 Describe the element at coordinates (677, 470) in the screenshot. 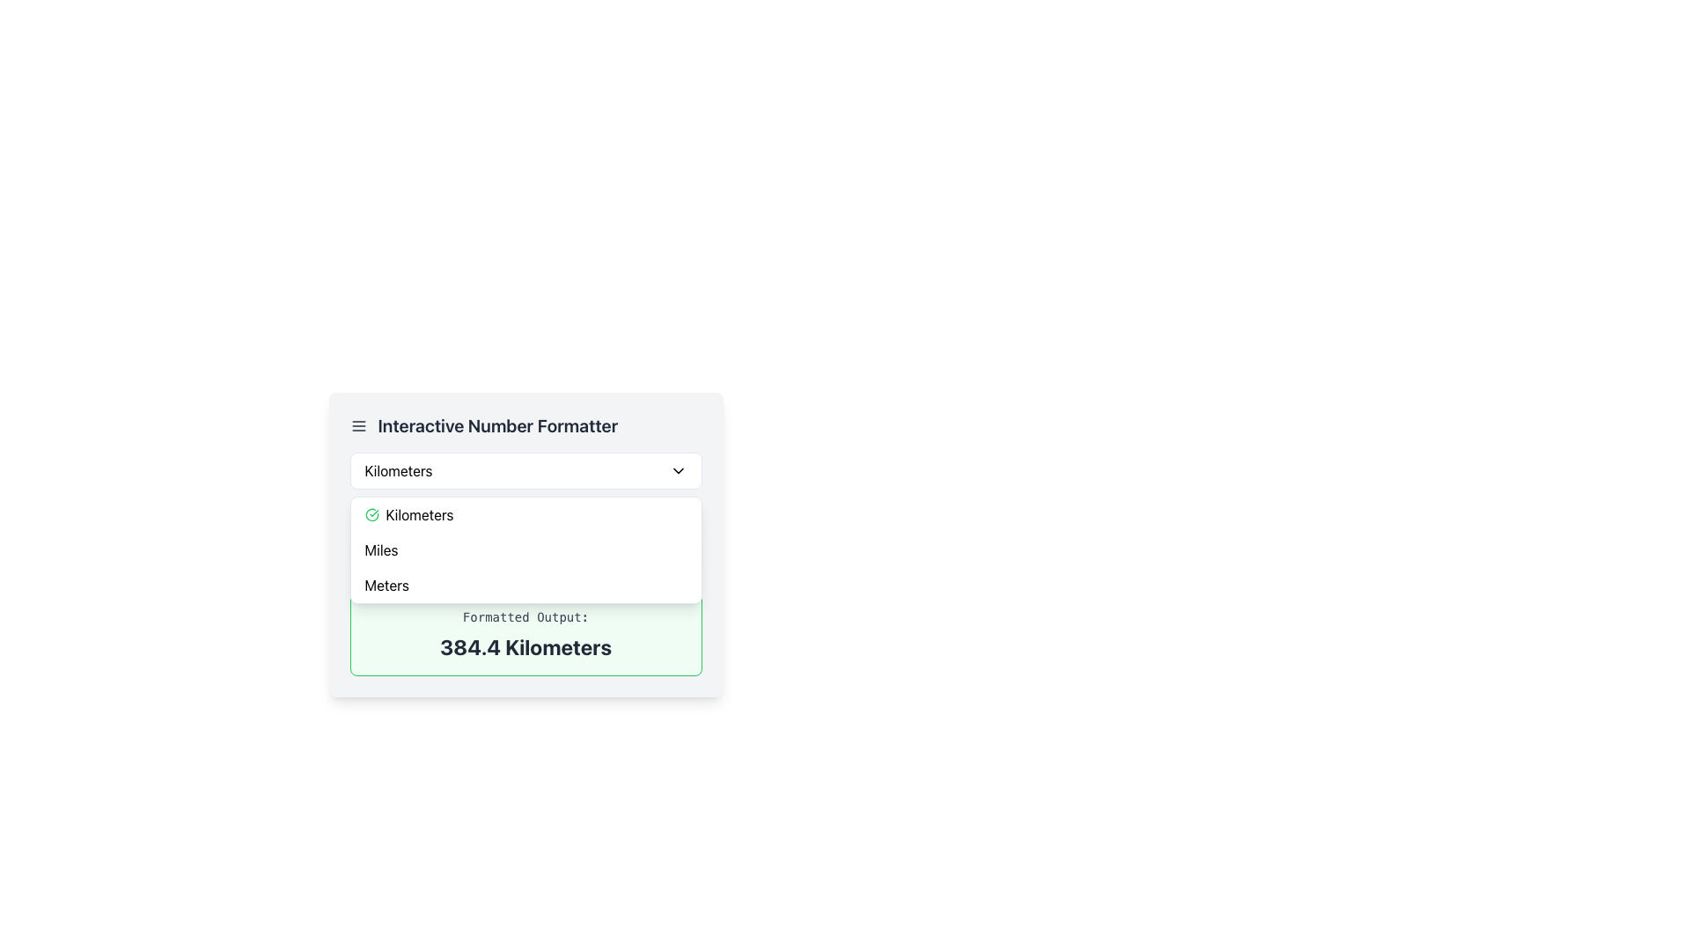

I see `the down-facing chevron icon located at the far right of the dropdown select component next to the text 'Kilometers'` at that location.